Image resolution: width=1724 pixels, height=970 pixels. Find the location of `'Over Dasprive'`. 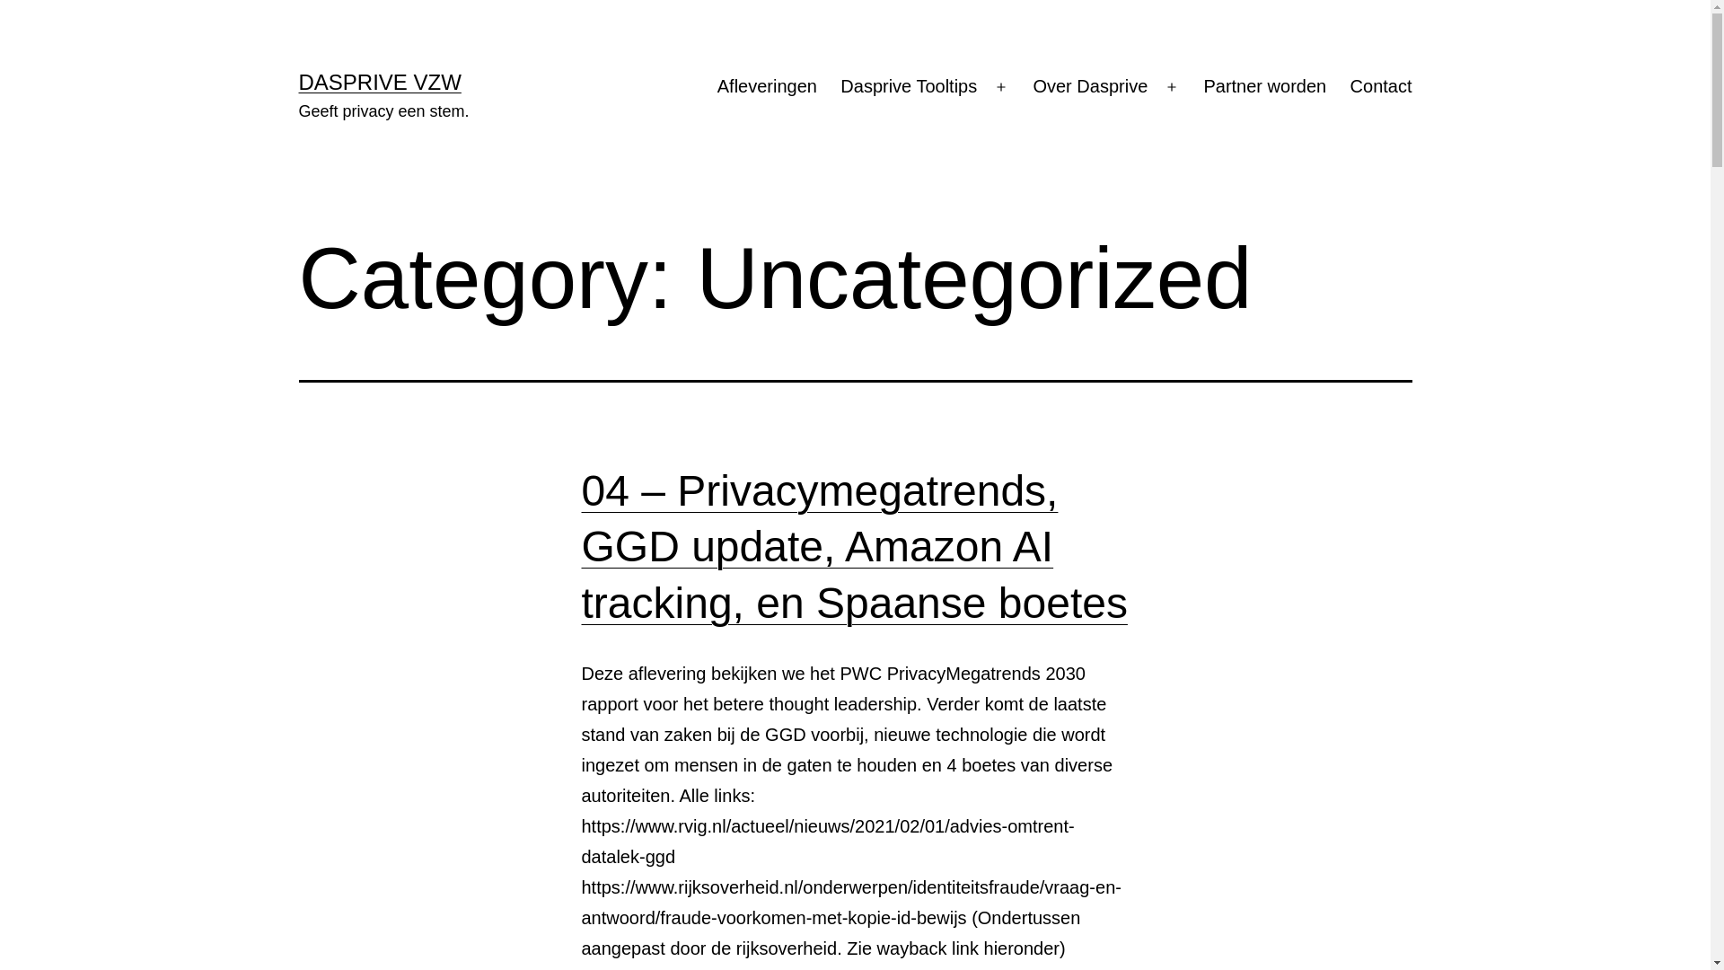

'Over Dasprive' is located at coordinates (1089, 86).